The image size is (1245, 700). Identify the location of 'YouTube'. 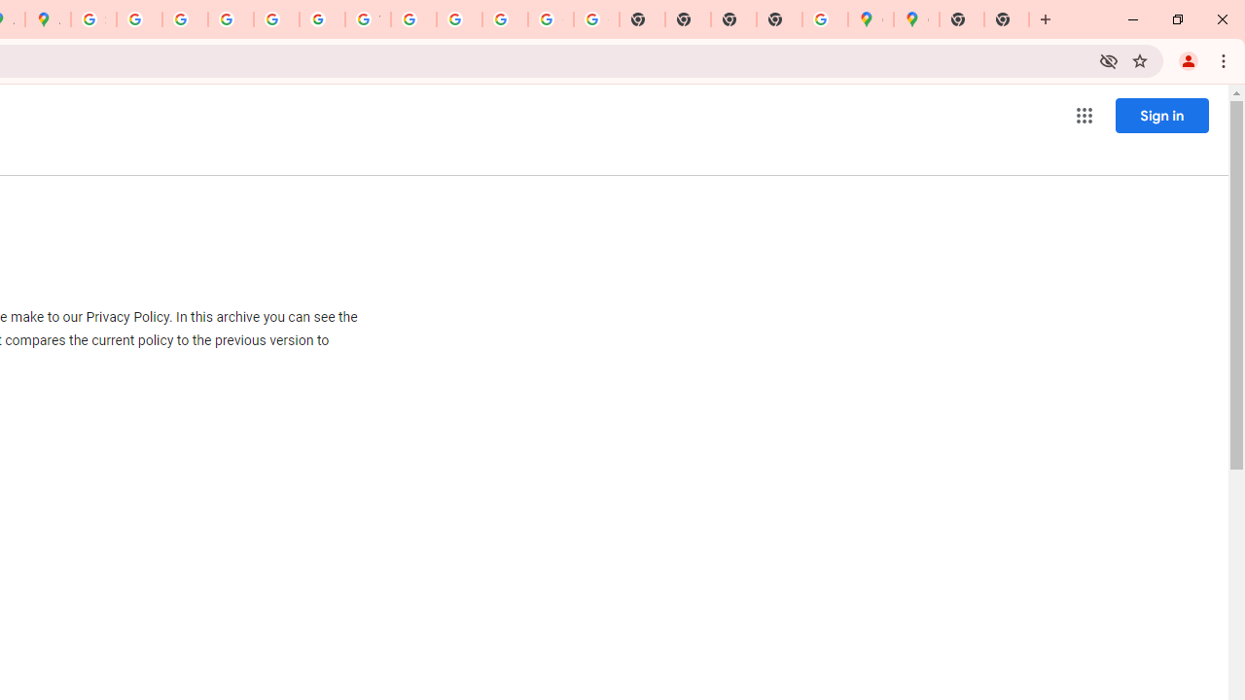
(368, 19).